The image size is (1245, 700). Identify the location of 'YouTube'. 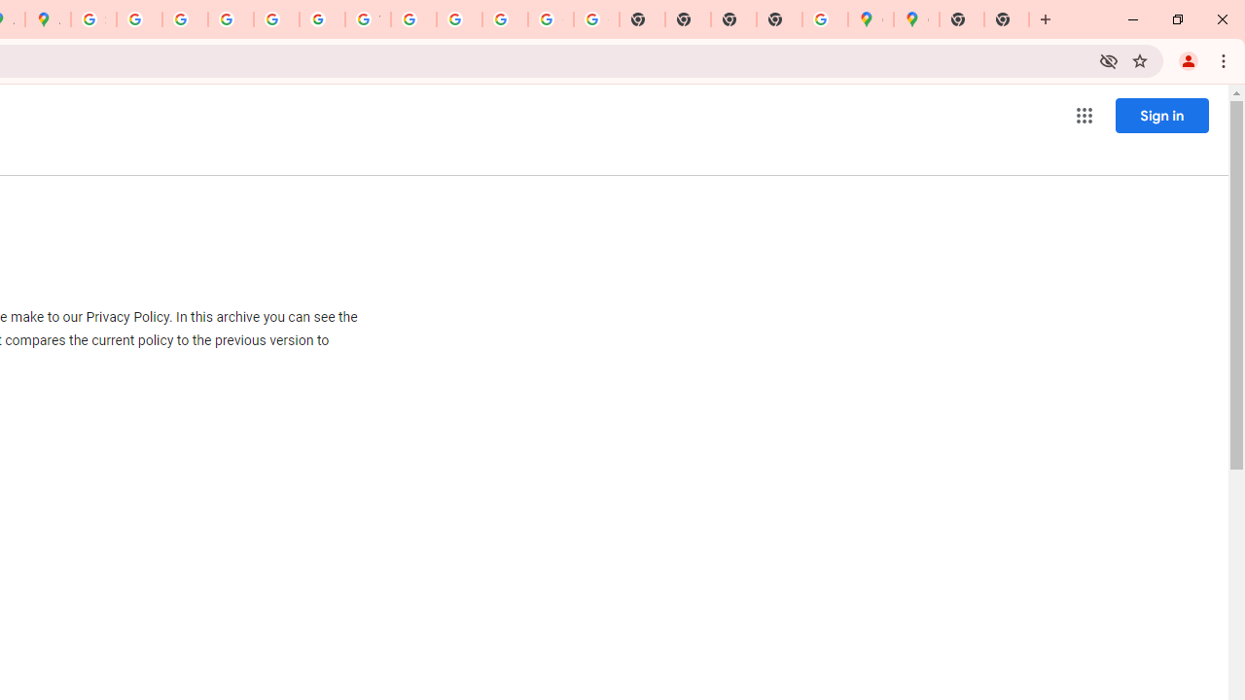
(368, 19).